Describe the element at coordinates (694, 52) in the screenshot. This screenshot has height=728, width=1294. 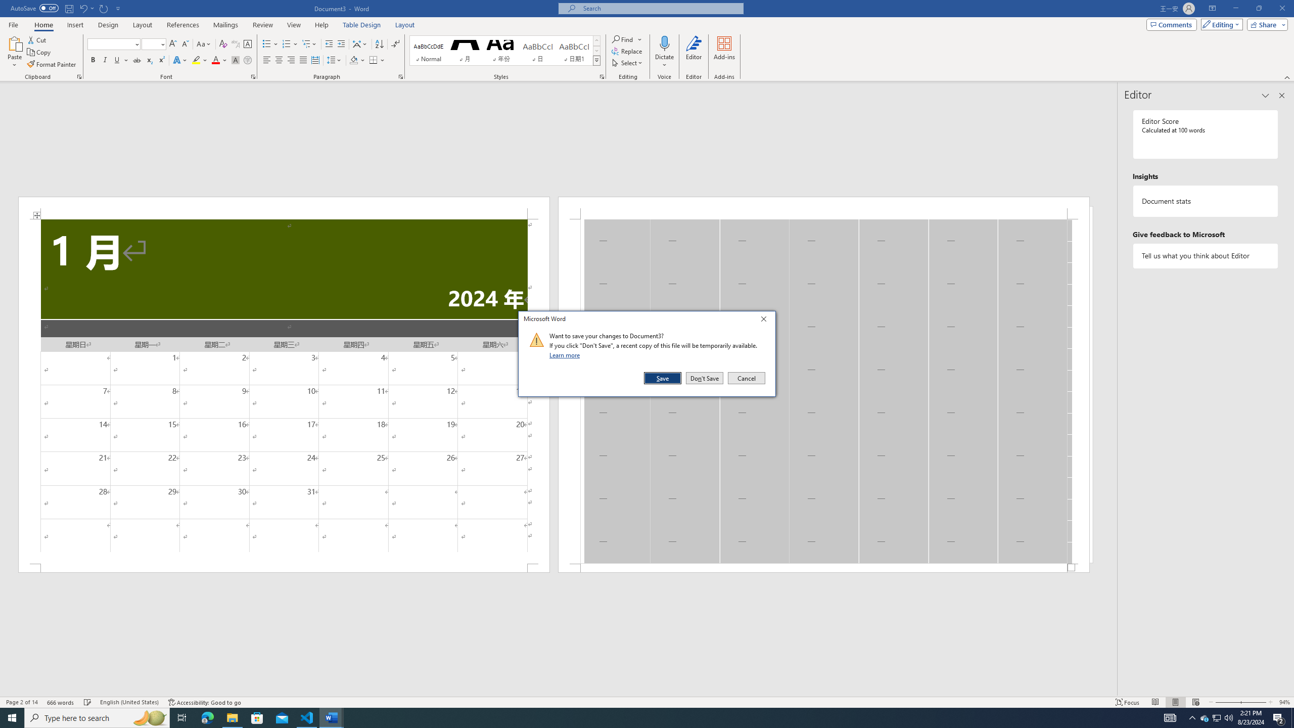
I see `'Editor'` at that location.